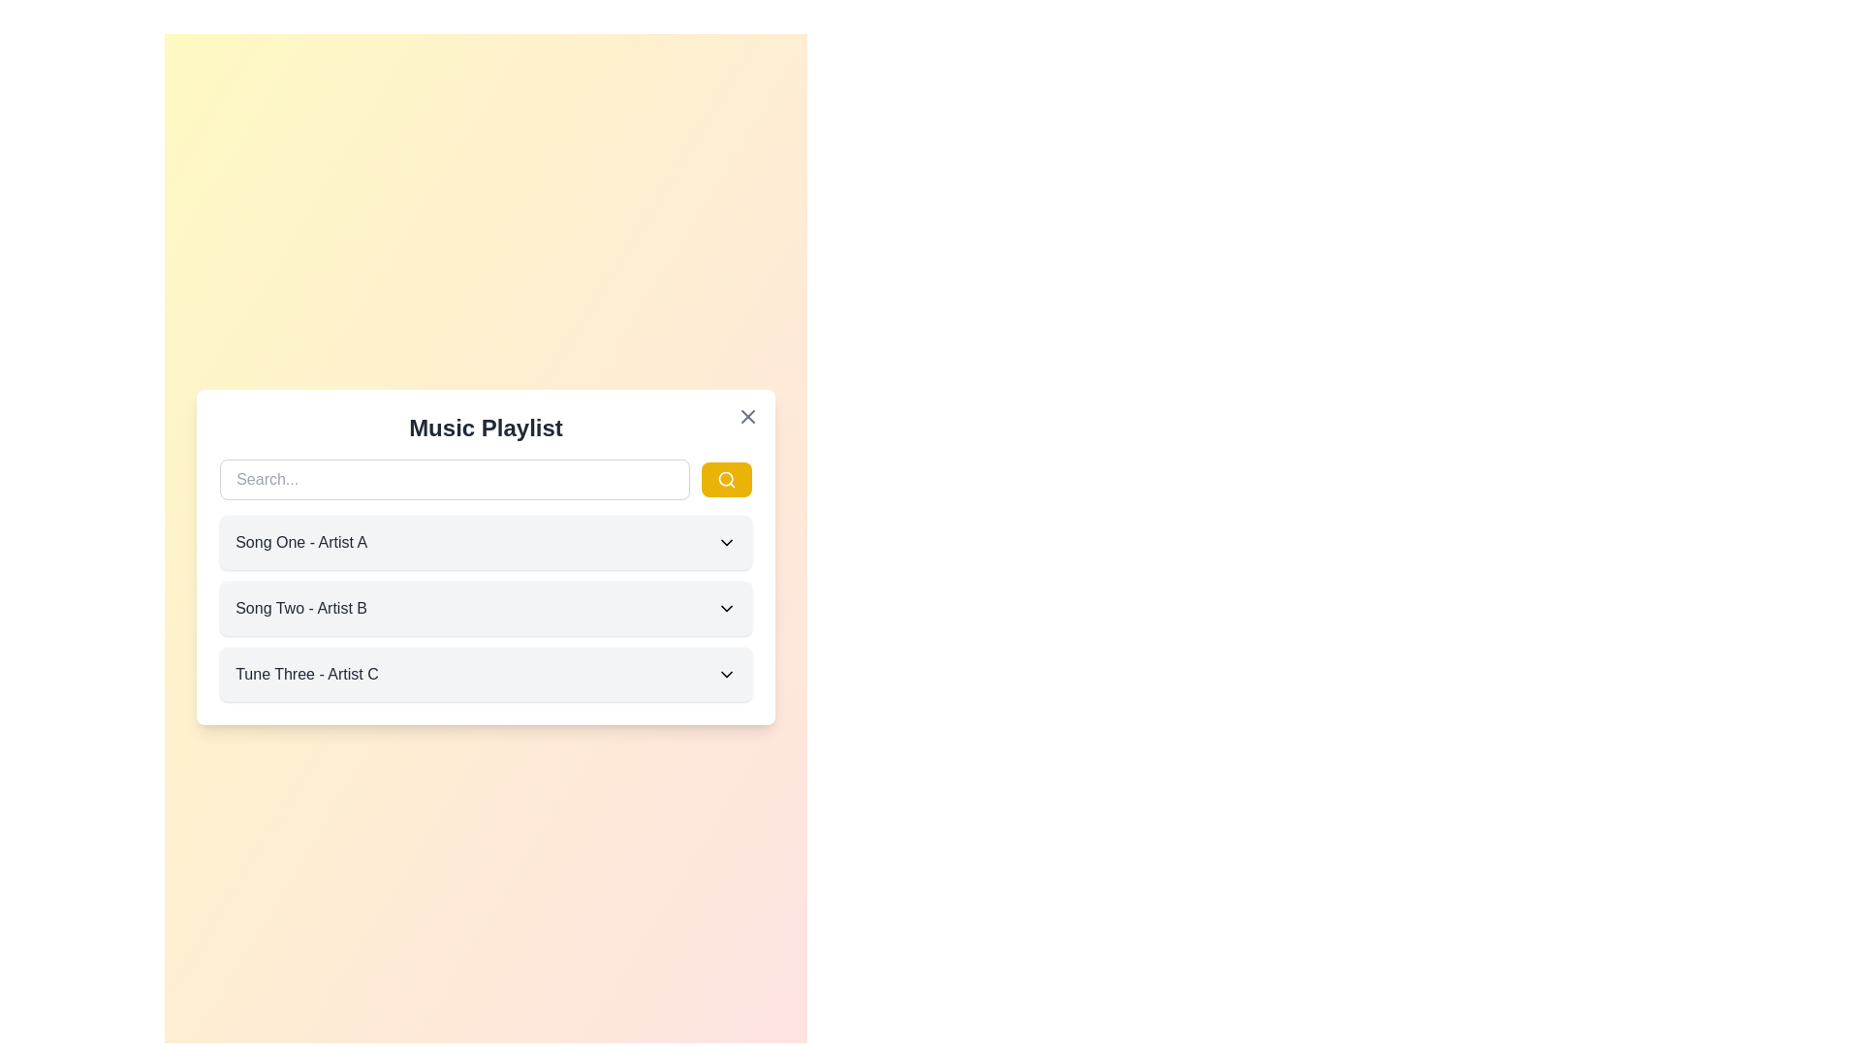  What do you see at coordinates (300, 608) in the screenshot?
I see `the text label displaying 'Song Two - Artist B', which is the second item in the 'Music Playlist' list component` at bounding box center [300, 608].